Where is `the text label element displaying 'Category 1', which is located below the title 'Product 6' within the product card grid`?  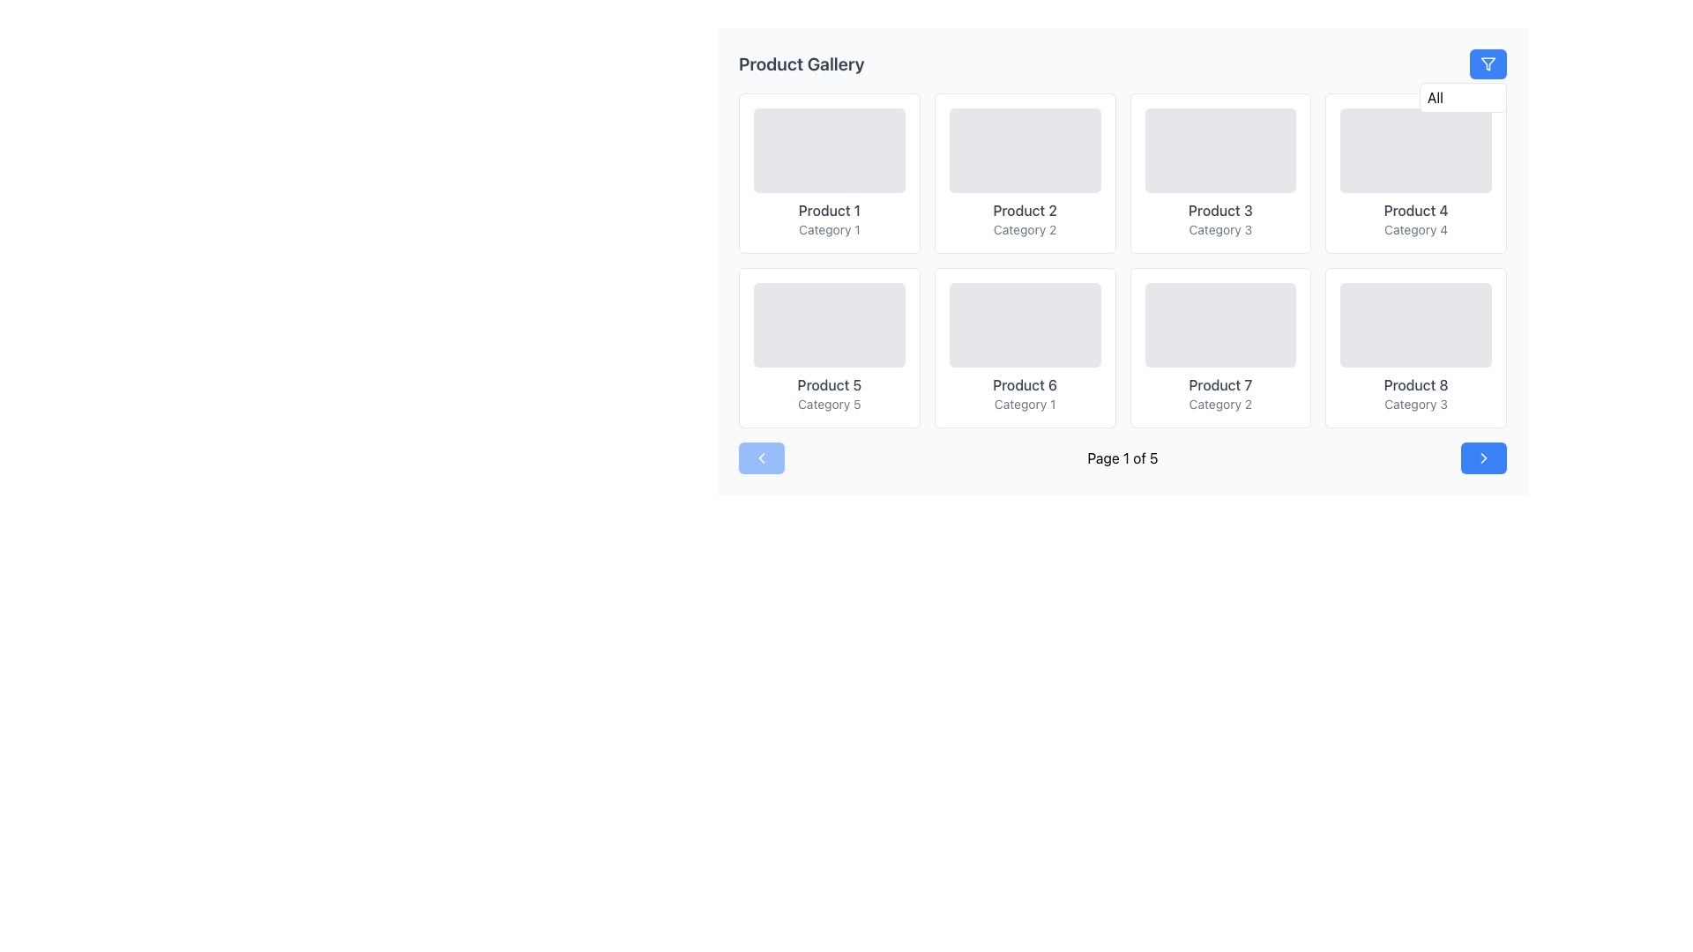 the text label element displaying 'Category 1', which is located below the title 'Product 6' within the product card grid is located at coordinates (1025, 405).